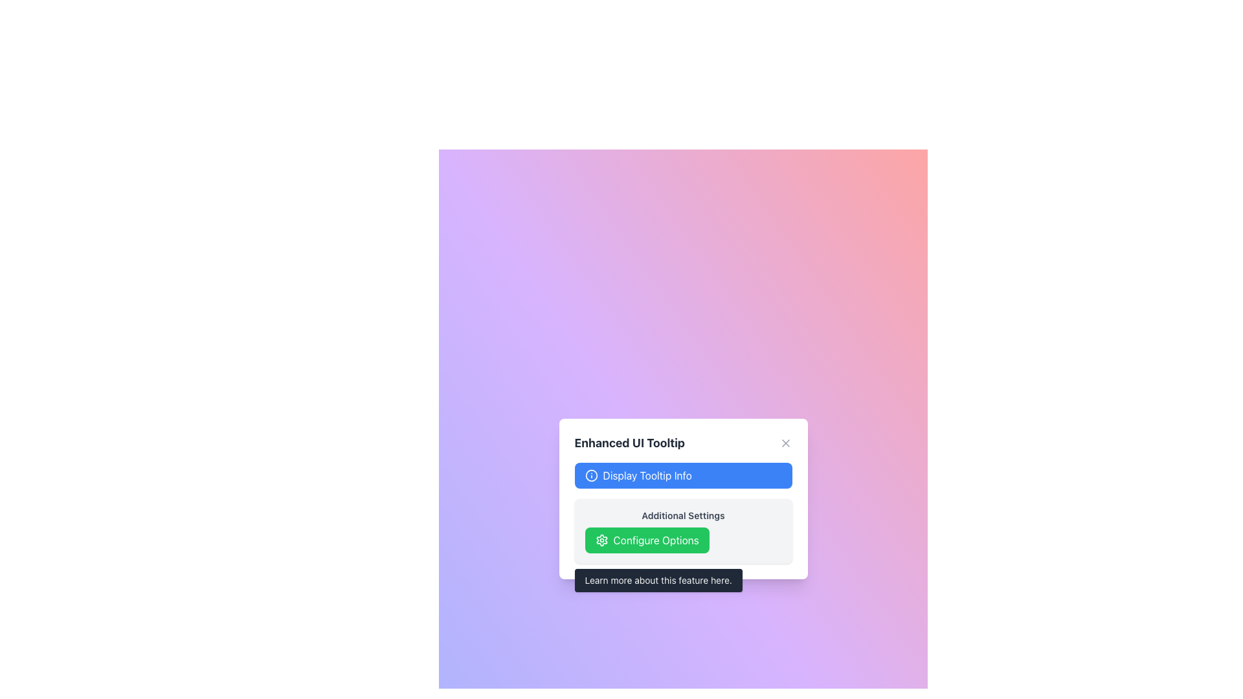  Describe the element at coordinates (601, 540) in the screenshot. I see `the configuration options icon located within the modal dialog box near the text 'Configure Options'` at that location.